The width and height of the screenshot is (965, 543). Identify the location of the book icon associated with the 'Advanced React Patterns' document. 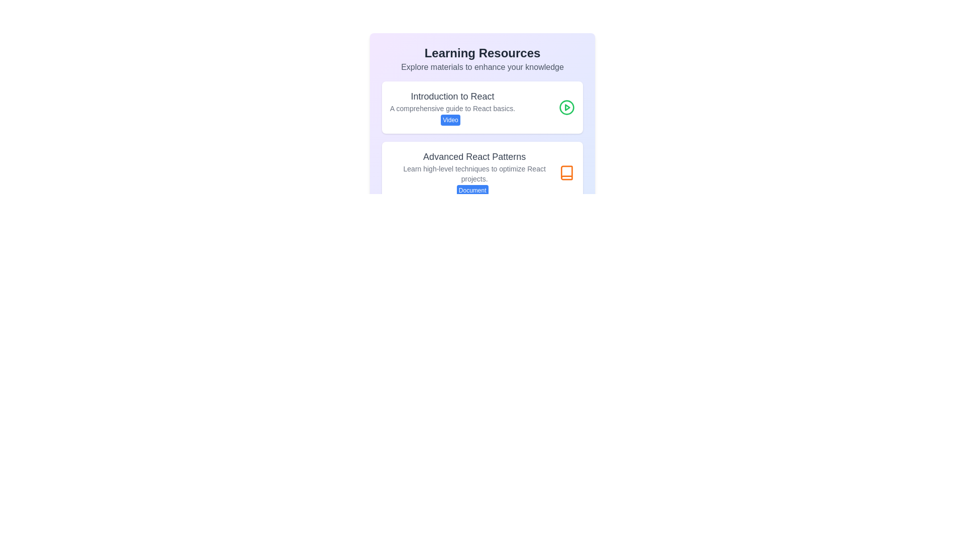
(567, 172).